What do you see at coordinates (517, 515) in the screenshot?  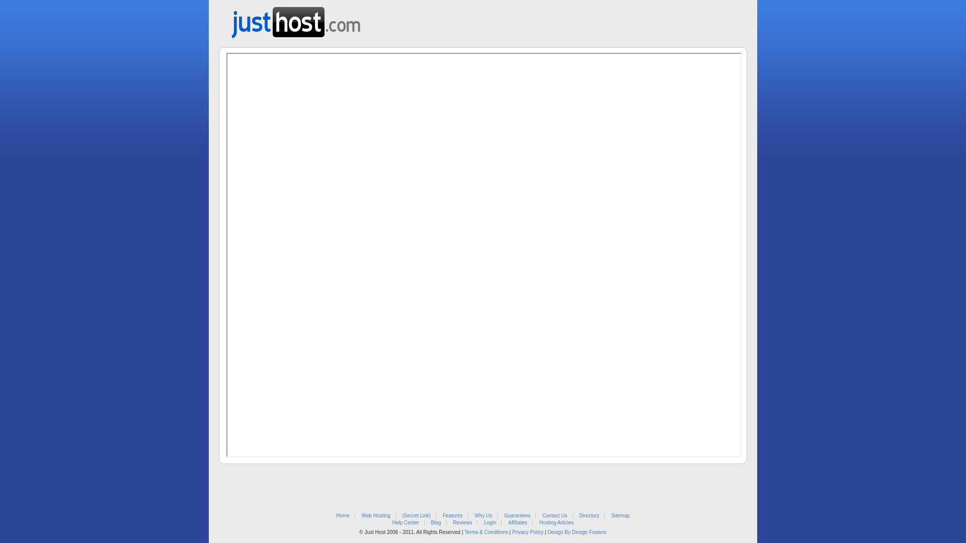 I see `'Guarantees'` at bounding box center [517, 515].